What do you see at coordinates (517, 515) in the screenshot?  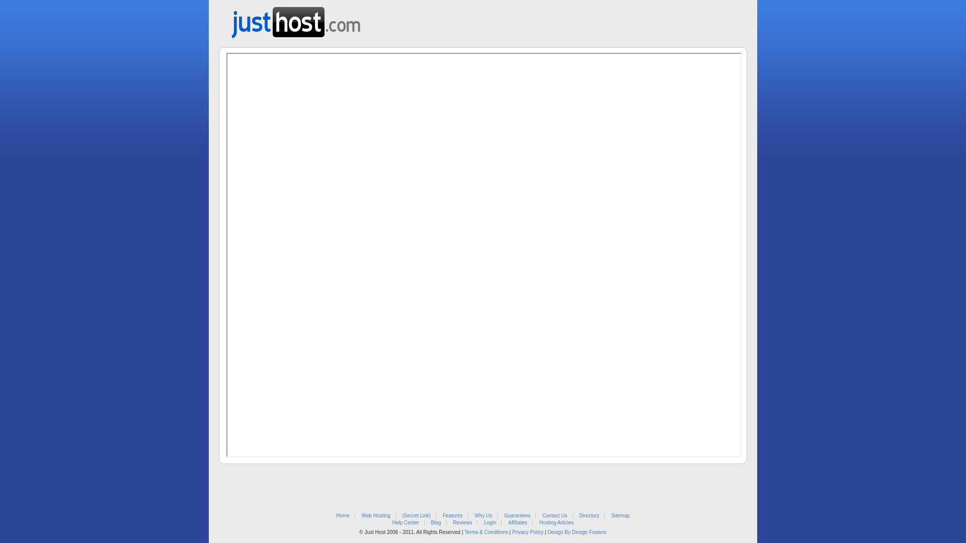 I see `'Guarantees'` at bounding box center [517, 515].